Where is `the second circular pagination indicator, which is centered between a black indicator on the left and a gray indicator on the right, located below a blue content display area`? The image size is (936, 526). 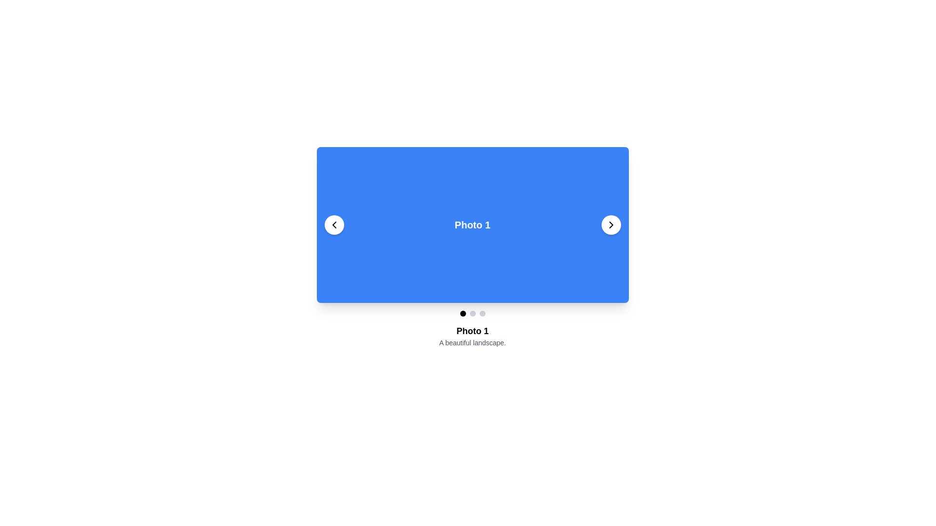 the second circular pagination indicator, which is centered between a black indicator on the left and a gray indicator on the right, located below a blue content display area is located at coordinates (472, 314).